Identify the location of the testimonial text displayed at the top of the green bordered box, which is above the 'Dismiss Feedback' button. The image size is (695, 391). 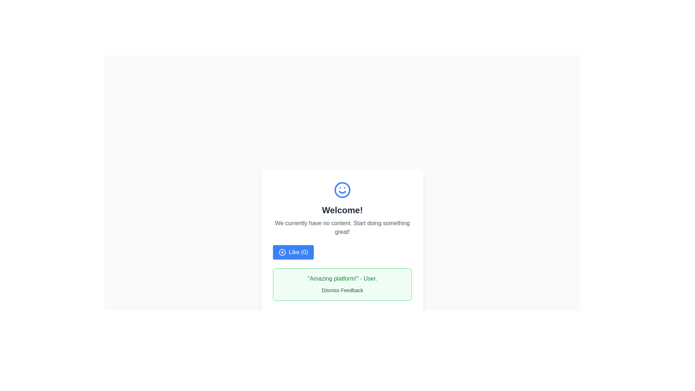
(342, 278).